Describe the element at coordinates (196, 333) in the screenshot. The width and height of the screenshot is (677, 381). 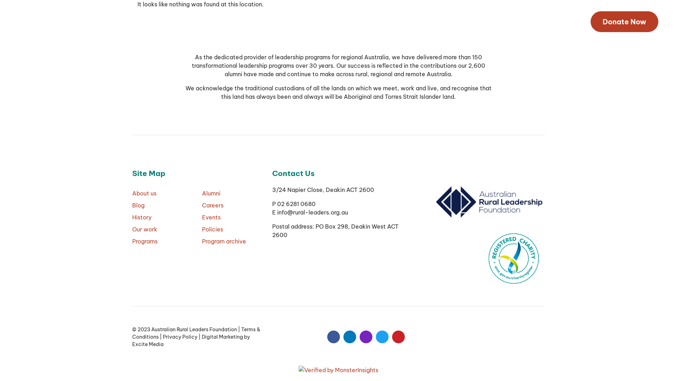
I see `'Terms & Conditions'` at that location.